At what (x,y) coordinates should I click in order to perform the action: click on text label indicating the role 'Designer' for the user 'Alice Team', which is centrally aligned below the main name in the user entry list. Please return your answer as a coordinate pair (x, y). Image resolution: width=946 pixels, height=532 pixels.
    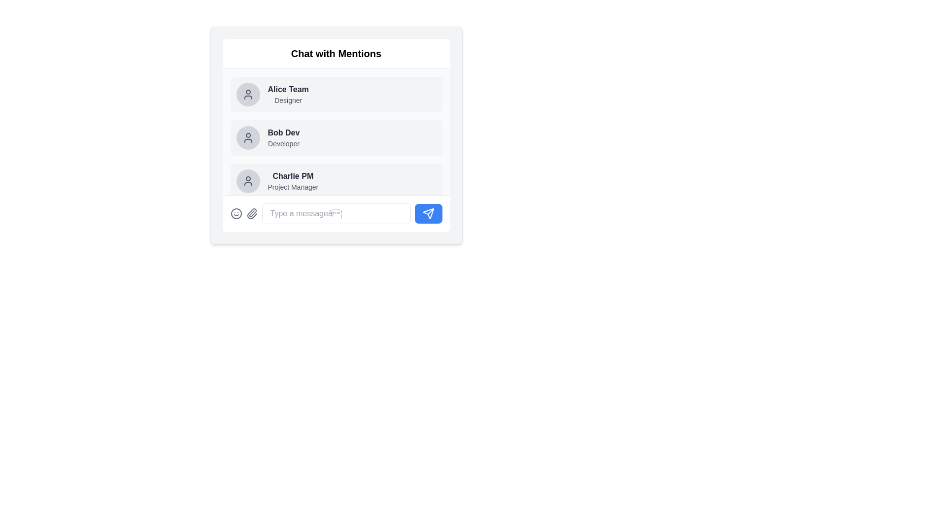
    Looking at the image, I should click on (288, 100).